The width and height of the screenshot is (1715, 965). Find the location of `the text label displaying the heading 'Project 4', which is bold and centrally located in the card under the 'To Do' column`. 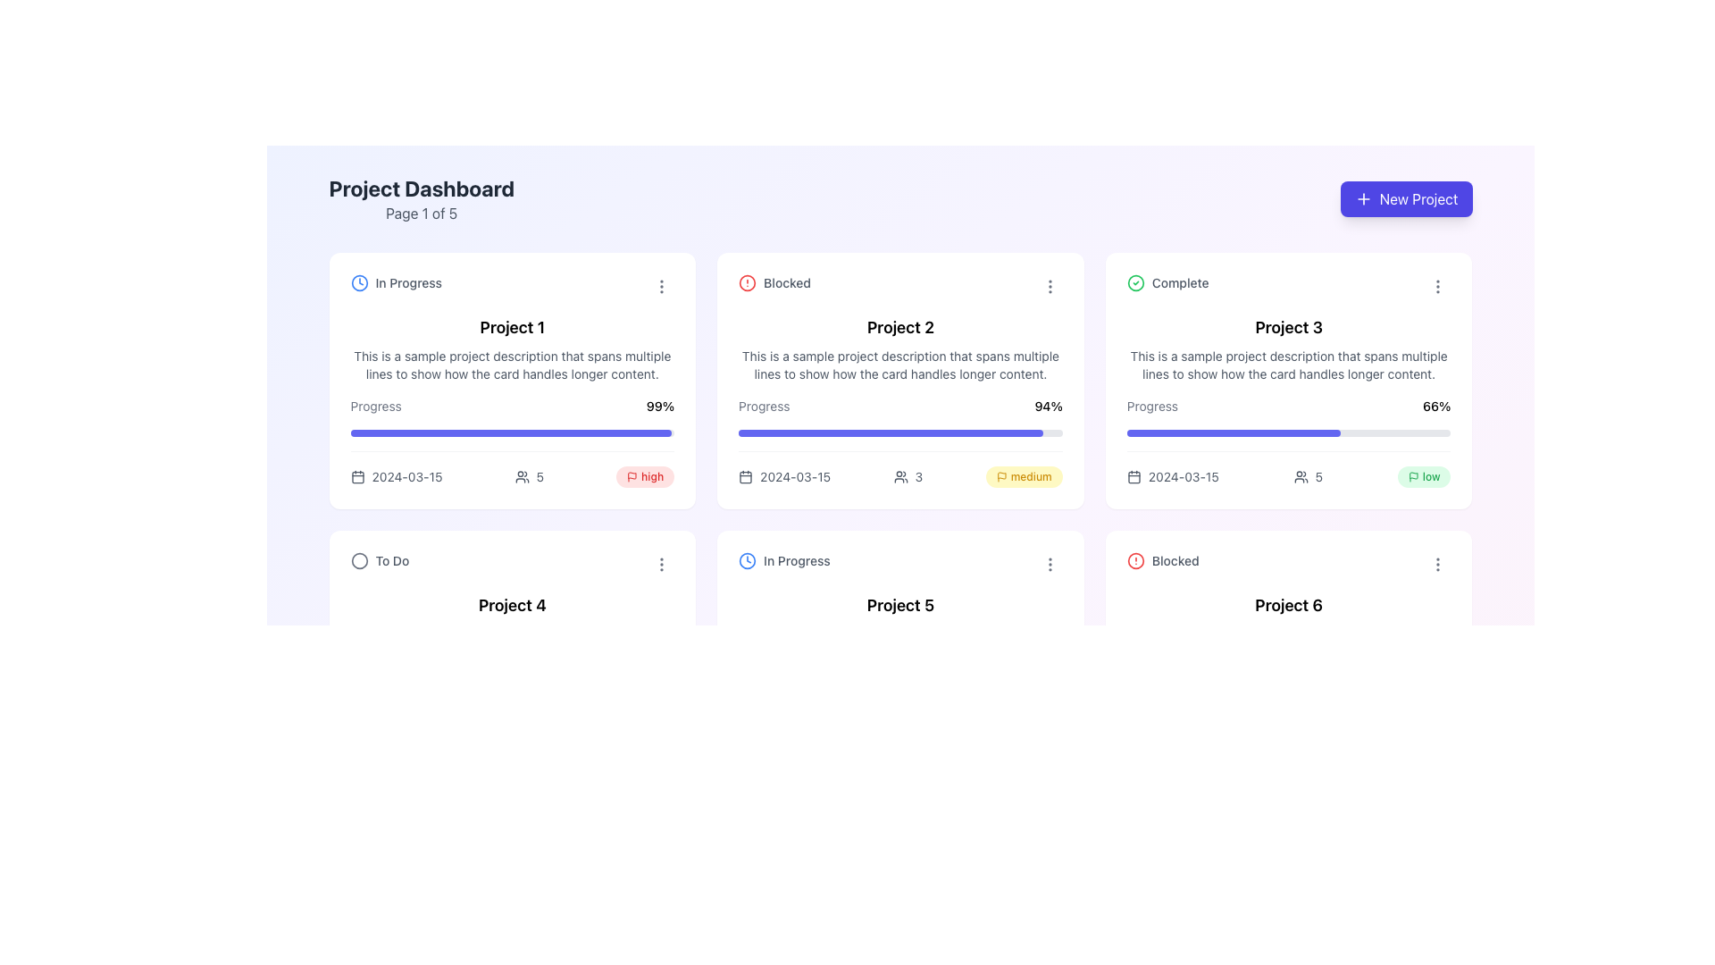

the text label displaying the heading 'Project 4', which is bold and centrally located in the card under the 'To Do' column is located at coordinates (511, 605).